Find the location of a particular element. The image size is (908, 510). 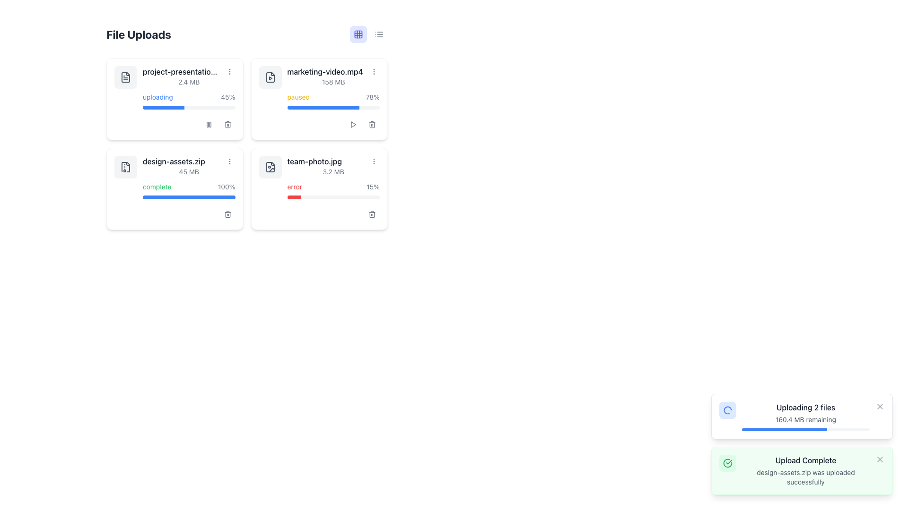

the text label displaying '100%' in light gray, located in the bottom-left section of the interface next to the green 'complete' label is located at coordinates (226, 187).